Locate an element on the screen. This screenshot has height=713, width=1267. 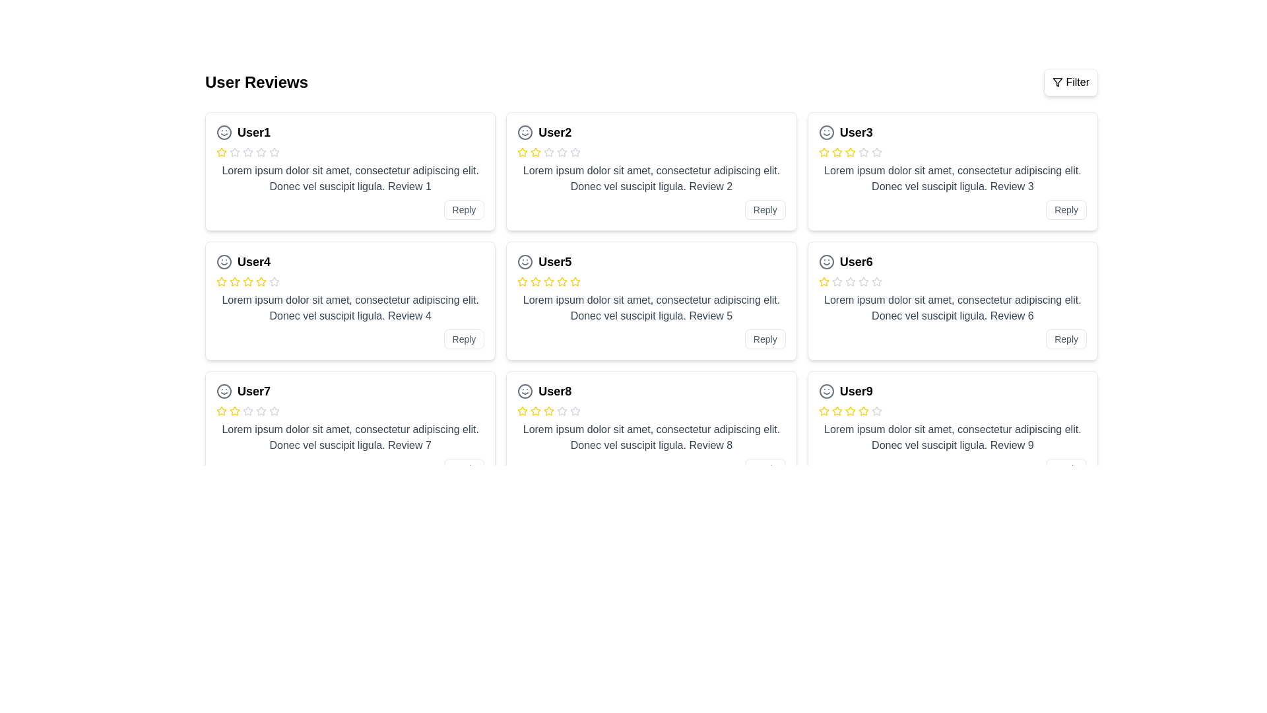
the text 'User7' for copying from the user review card located in the third row and first column of the grid layout is located at coordinates (253, 391).